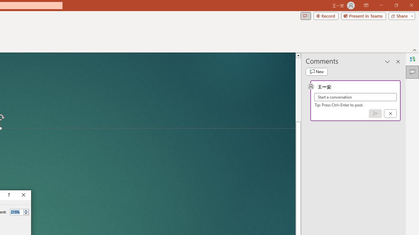 The image size is (419, 235). I want to click on 'Percent', so click(16, 212).